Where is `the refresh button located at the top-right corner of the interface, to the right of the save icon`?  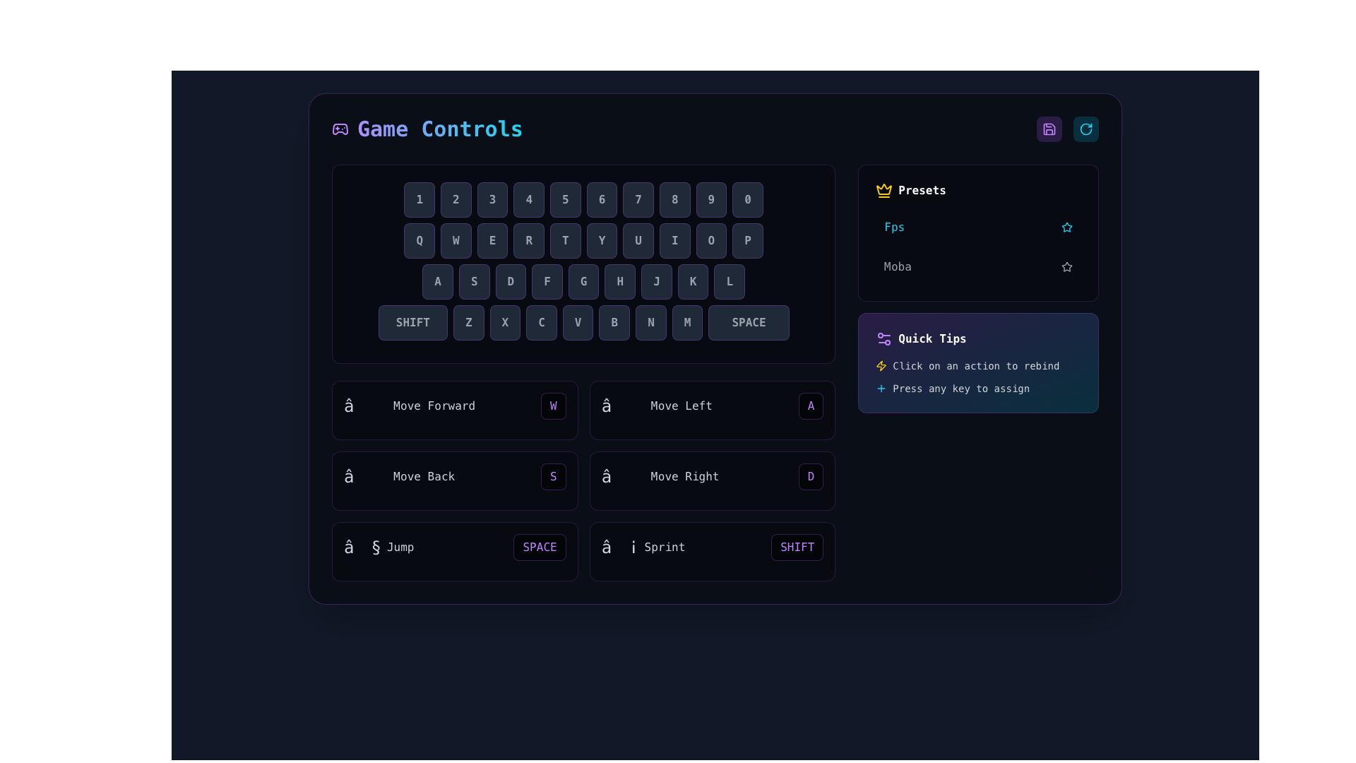 the refresh button located at the top-right corner of the interface, to the right of the save icon is located at coordinates (1085, 129).